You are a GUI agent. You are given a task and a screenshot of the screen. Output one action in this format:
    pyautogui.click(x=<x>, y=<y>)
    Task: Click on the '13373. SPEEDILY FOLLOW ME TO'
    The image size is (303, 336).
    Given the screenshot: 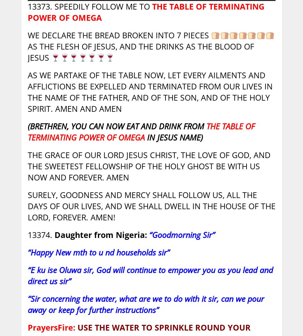 What is the action you would take?
    pyautogui.click(x=27, y=6)
    